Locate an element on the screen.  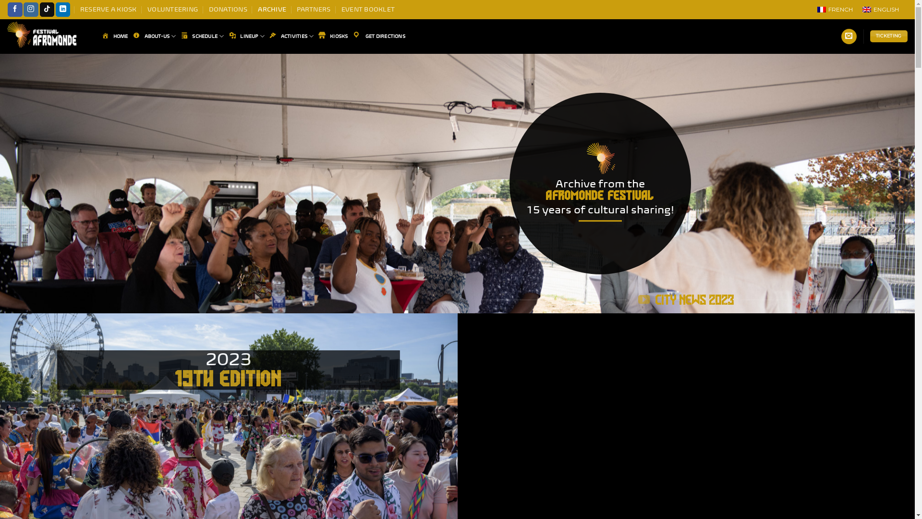
'GET DIRECTIONS' is located at coordinates (378, 36).